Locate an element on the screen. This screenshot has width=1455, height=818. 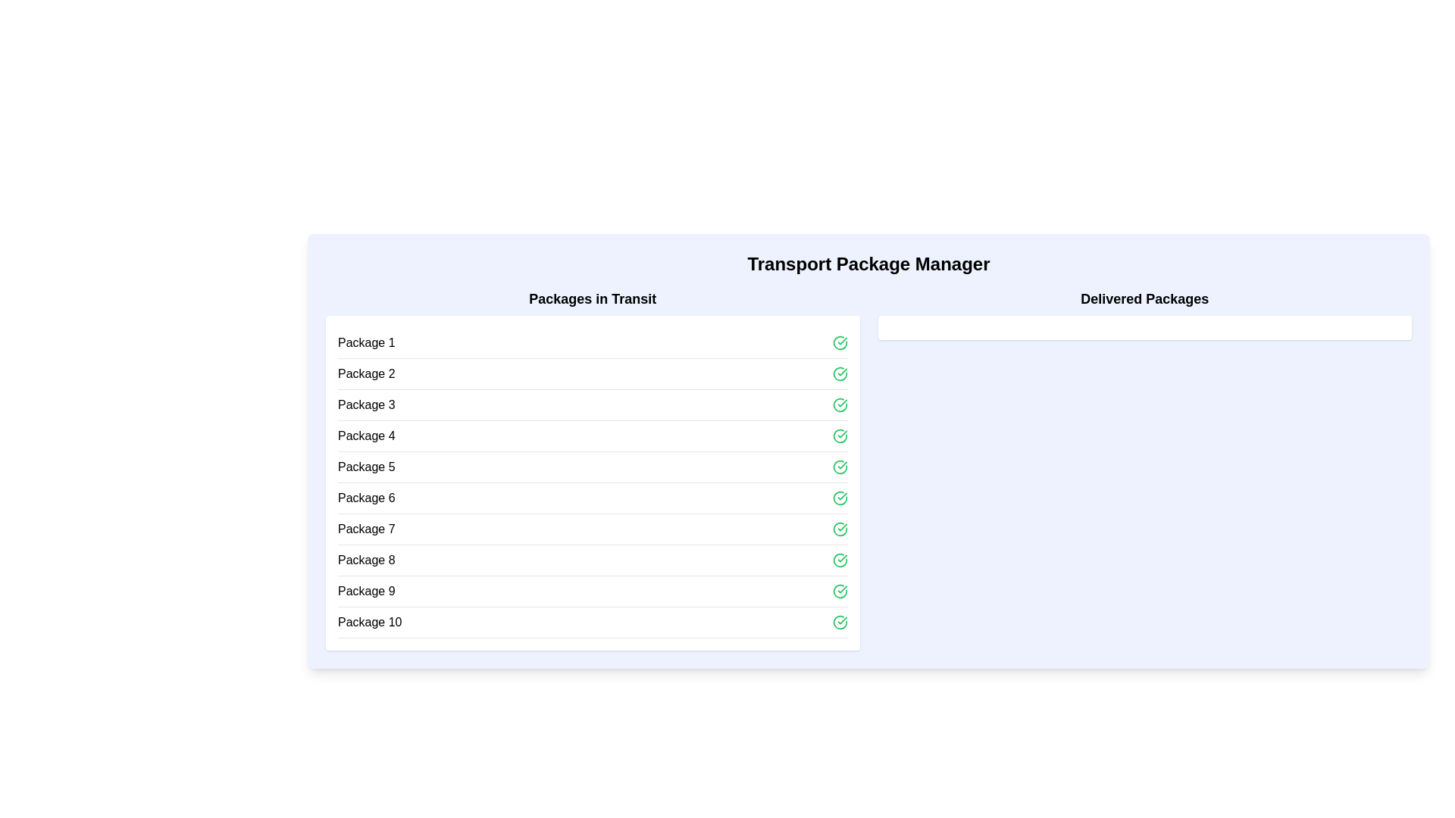
the green circular icon with a checkmark next to 'Package 5' is located at coordinates (839, 467).